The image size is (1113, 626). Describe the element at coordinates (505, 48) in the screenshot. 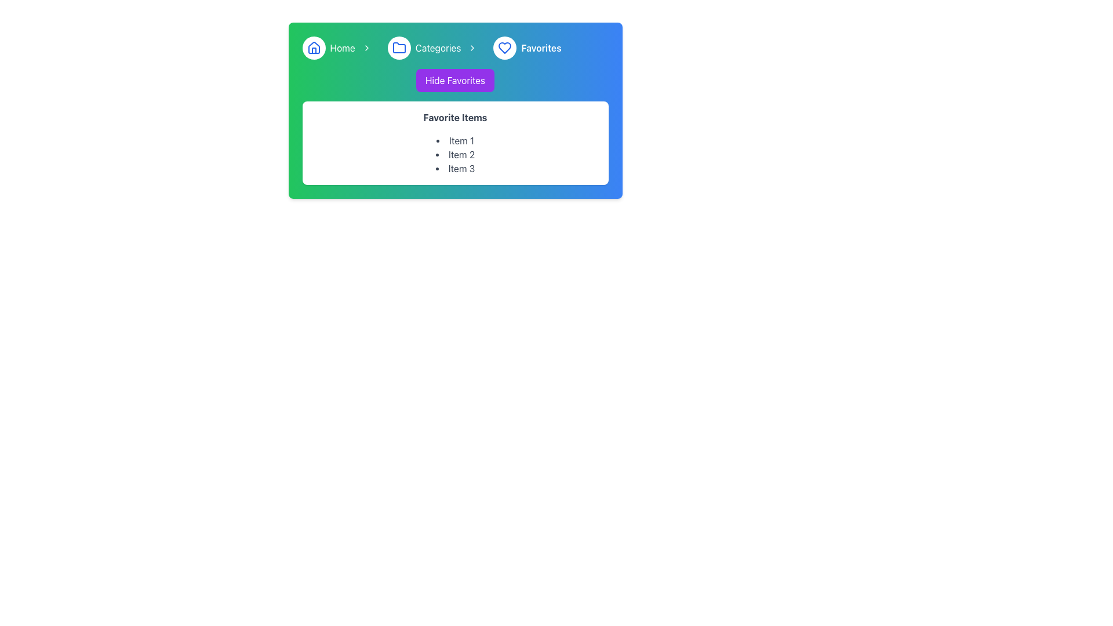

I see `the heart-shaped SVG icon with a thin blue border located next to the 'Favorites' label in the breadcrumb navigation` at that location.